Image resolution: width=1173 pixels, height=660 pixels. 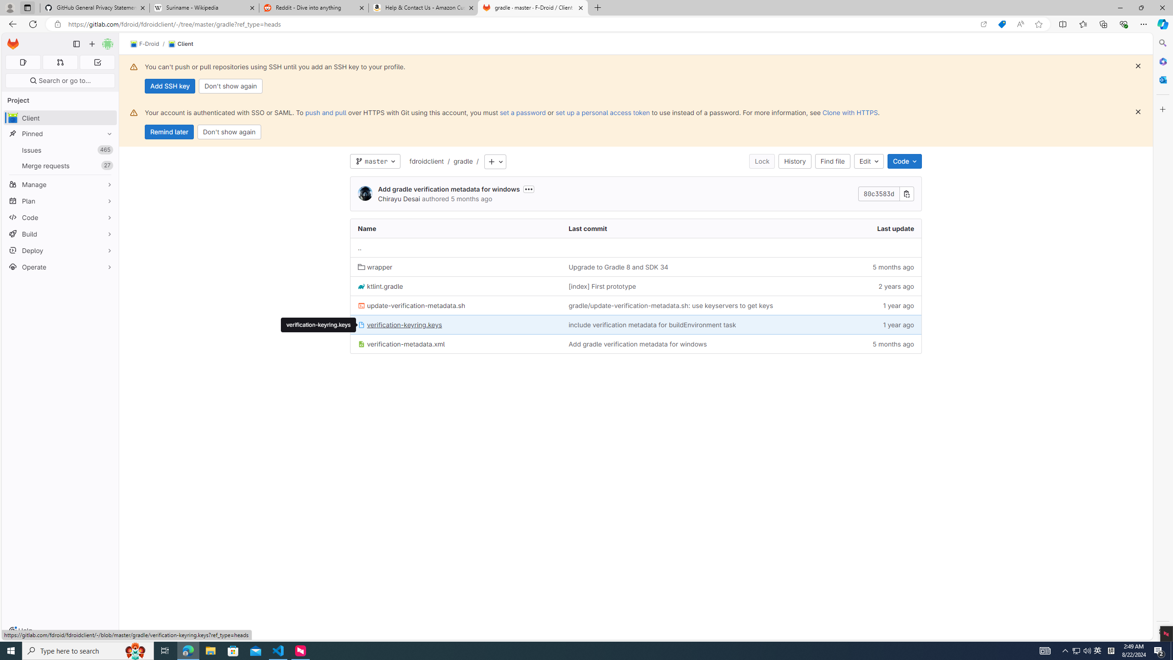 I want to click on '/gradle', so click(x=457, y=161).